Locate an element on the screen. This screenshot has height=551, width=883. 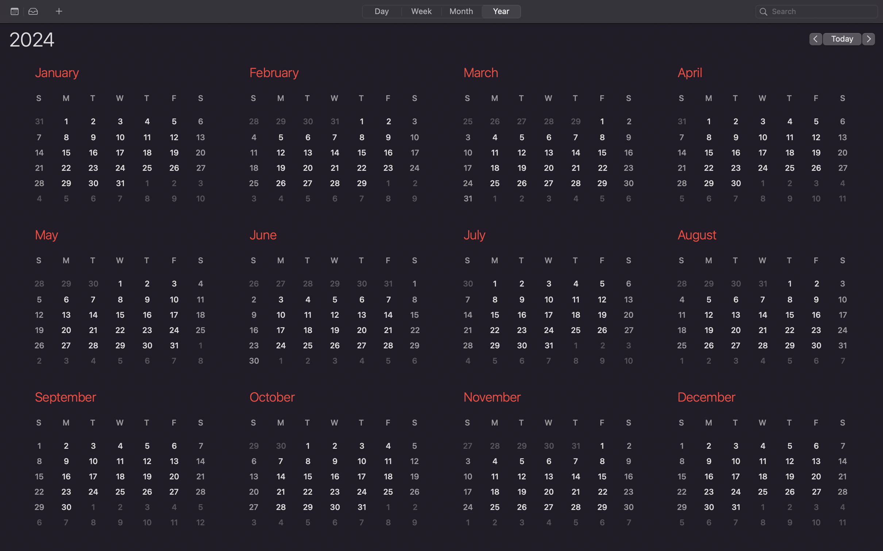
the October calendar is located at coordinates (333, 462).